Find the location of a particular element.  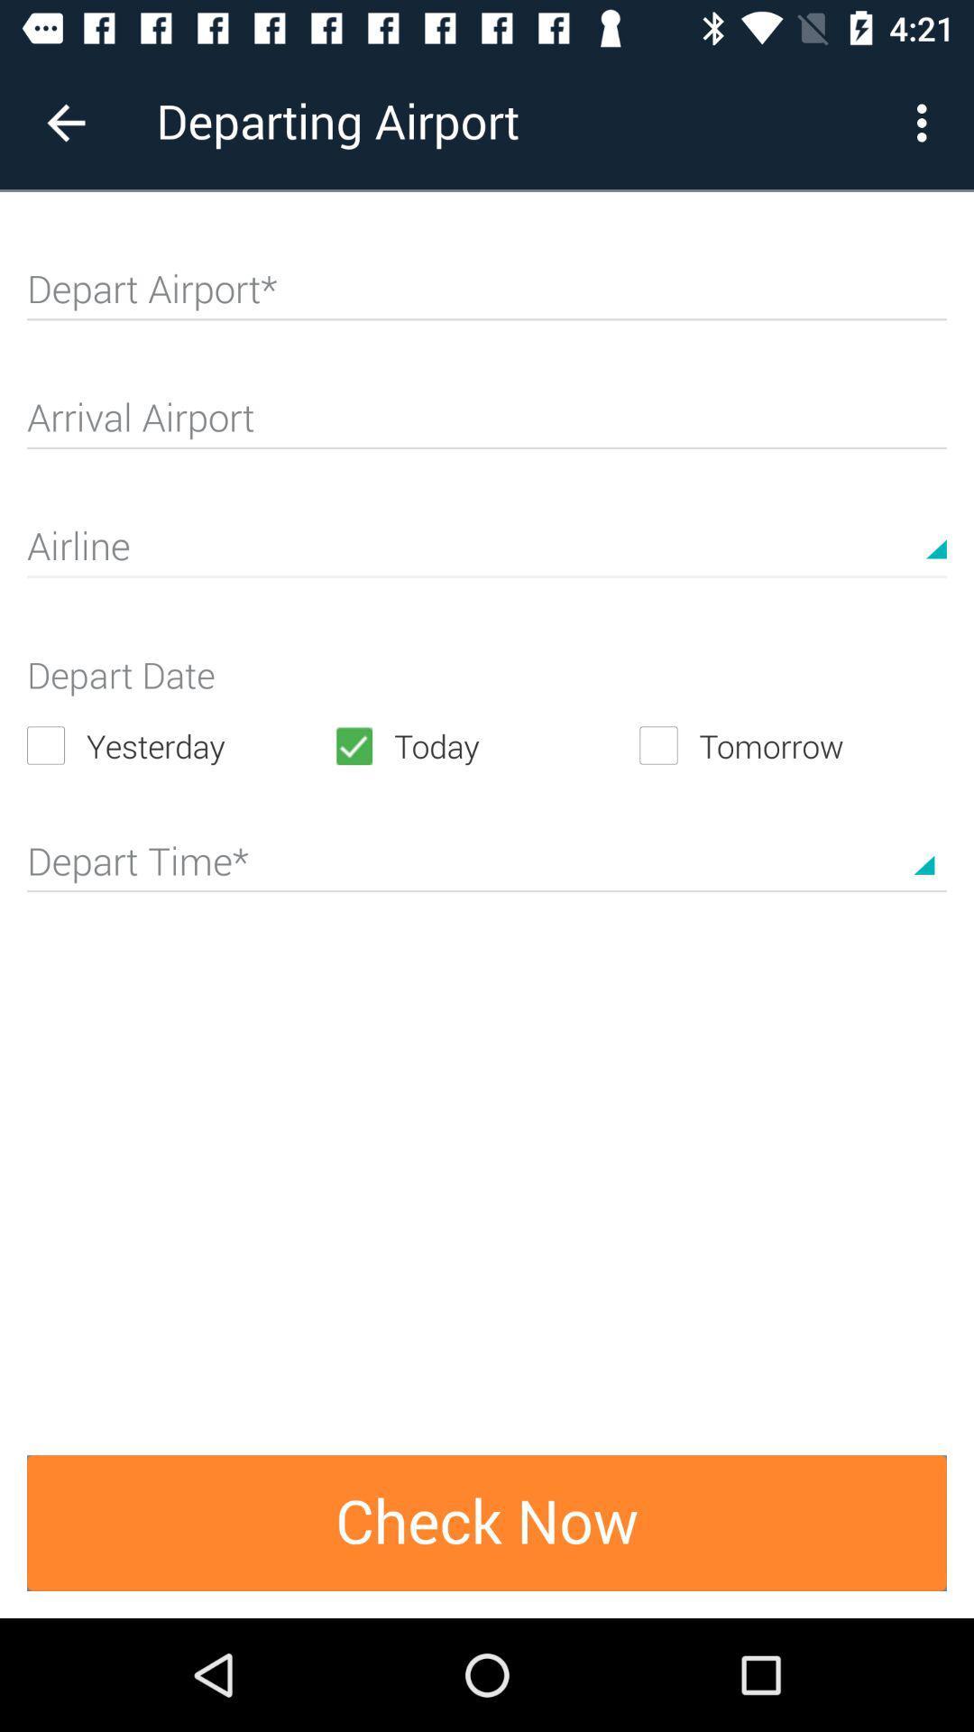

the check now item is located at coordinates (487, 1522).